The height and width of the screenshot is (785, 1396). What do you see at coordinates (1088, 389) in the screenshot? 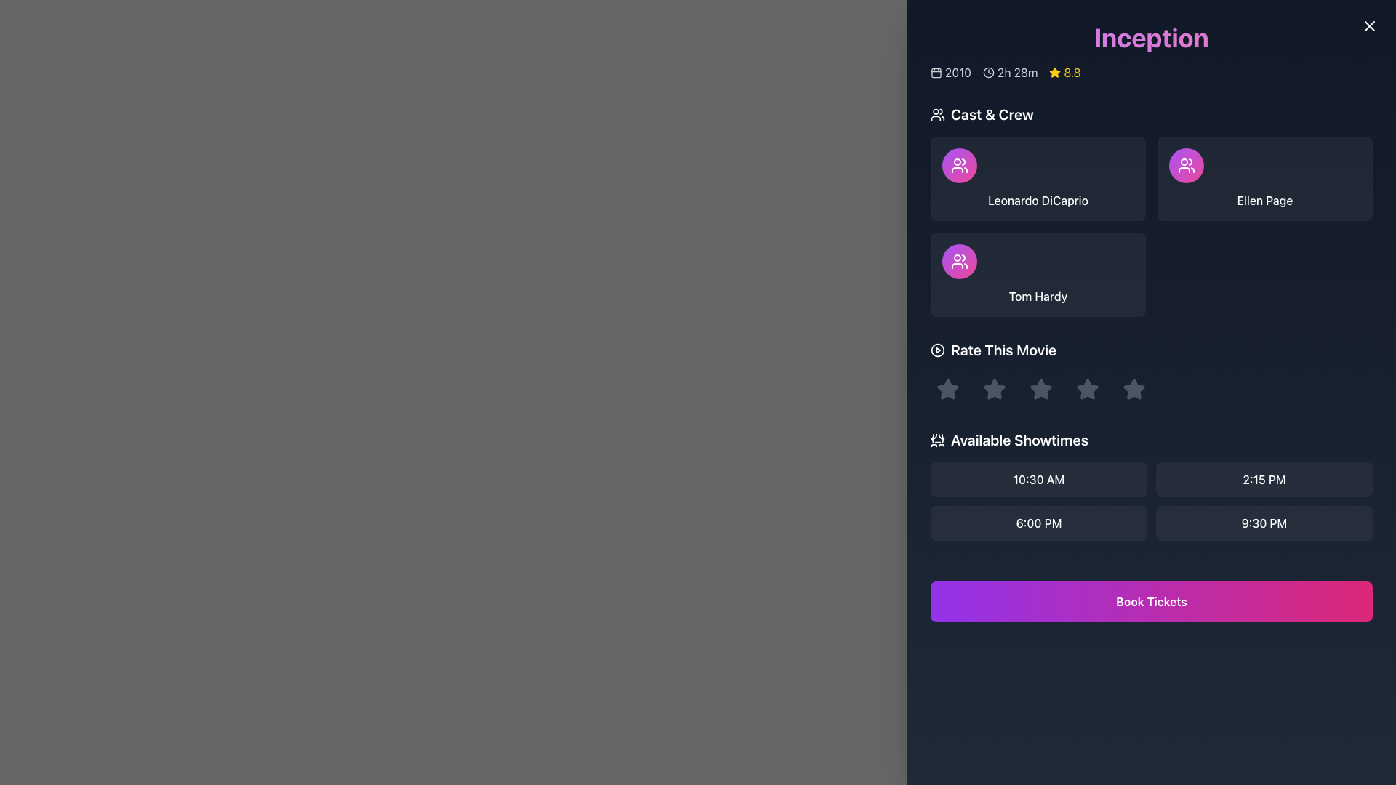
I see `the fourth star-shaped icon (dark gray fill) in the rating system below the text 'Rate This Movie' to change its appearance` at bounding box center [1088, 389].